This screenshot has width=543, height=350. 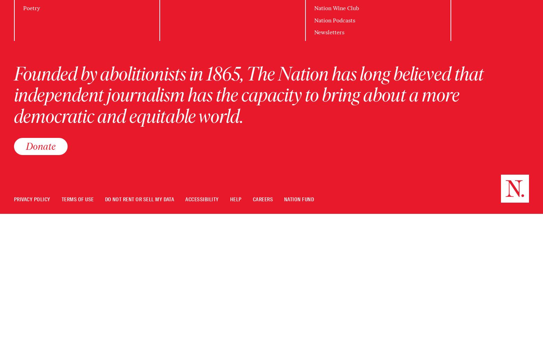 What do you see at coordinates (328, 32) in the screenshot?
I see `'Newsletters'` at bounding box center [328, 32].